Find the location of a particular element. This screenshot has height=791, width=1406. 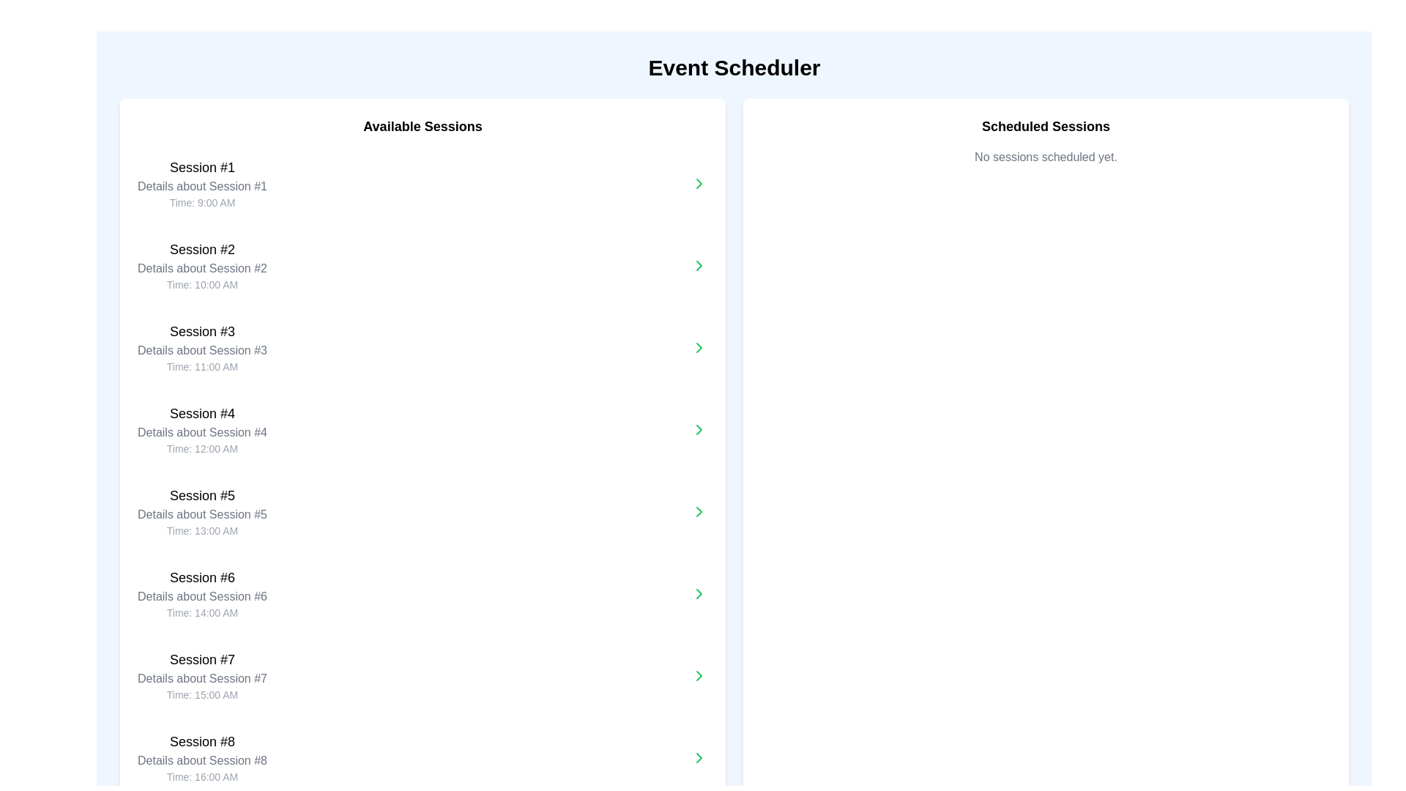

the right-pointing chevron icon for 'Session #2' in the 'Available Sessions' list is located at coordinates (699, 182).